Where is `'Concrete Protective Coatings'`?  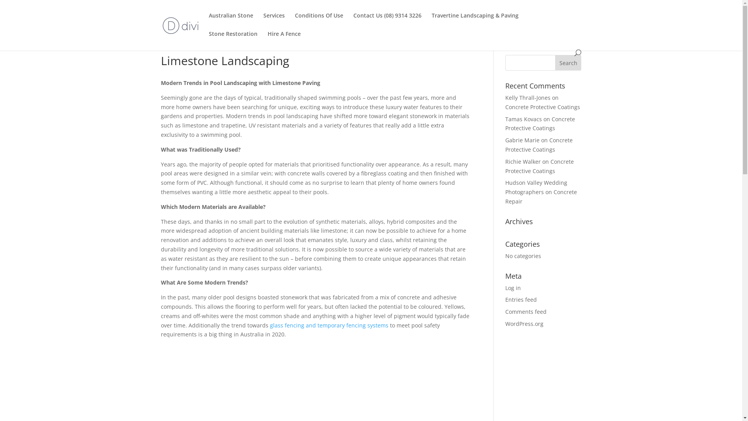 'Concrete Protective Coatings' is located at coordinates (540, 123).